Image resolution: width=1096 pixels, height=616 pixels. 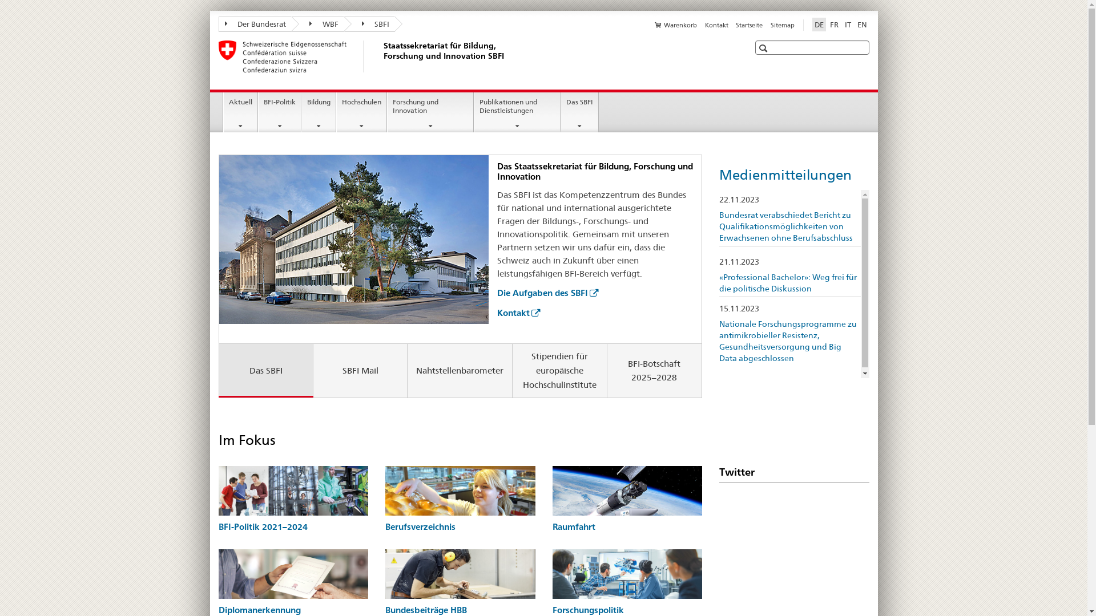 I want to click on 'BFI-Politik', so click(x=279, y=112).